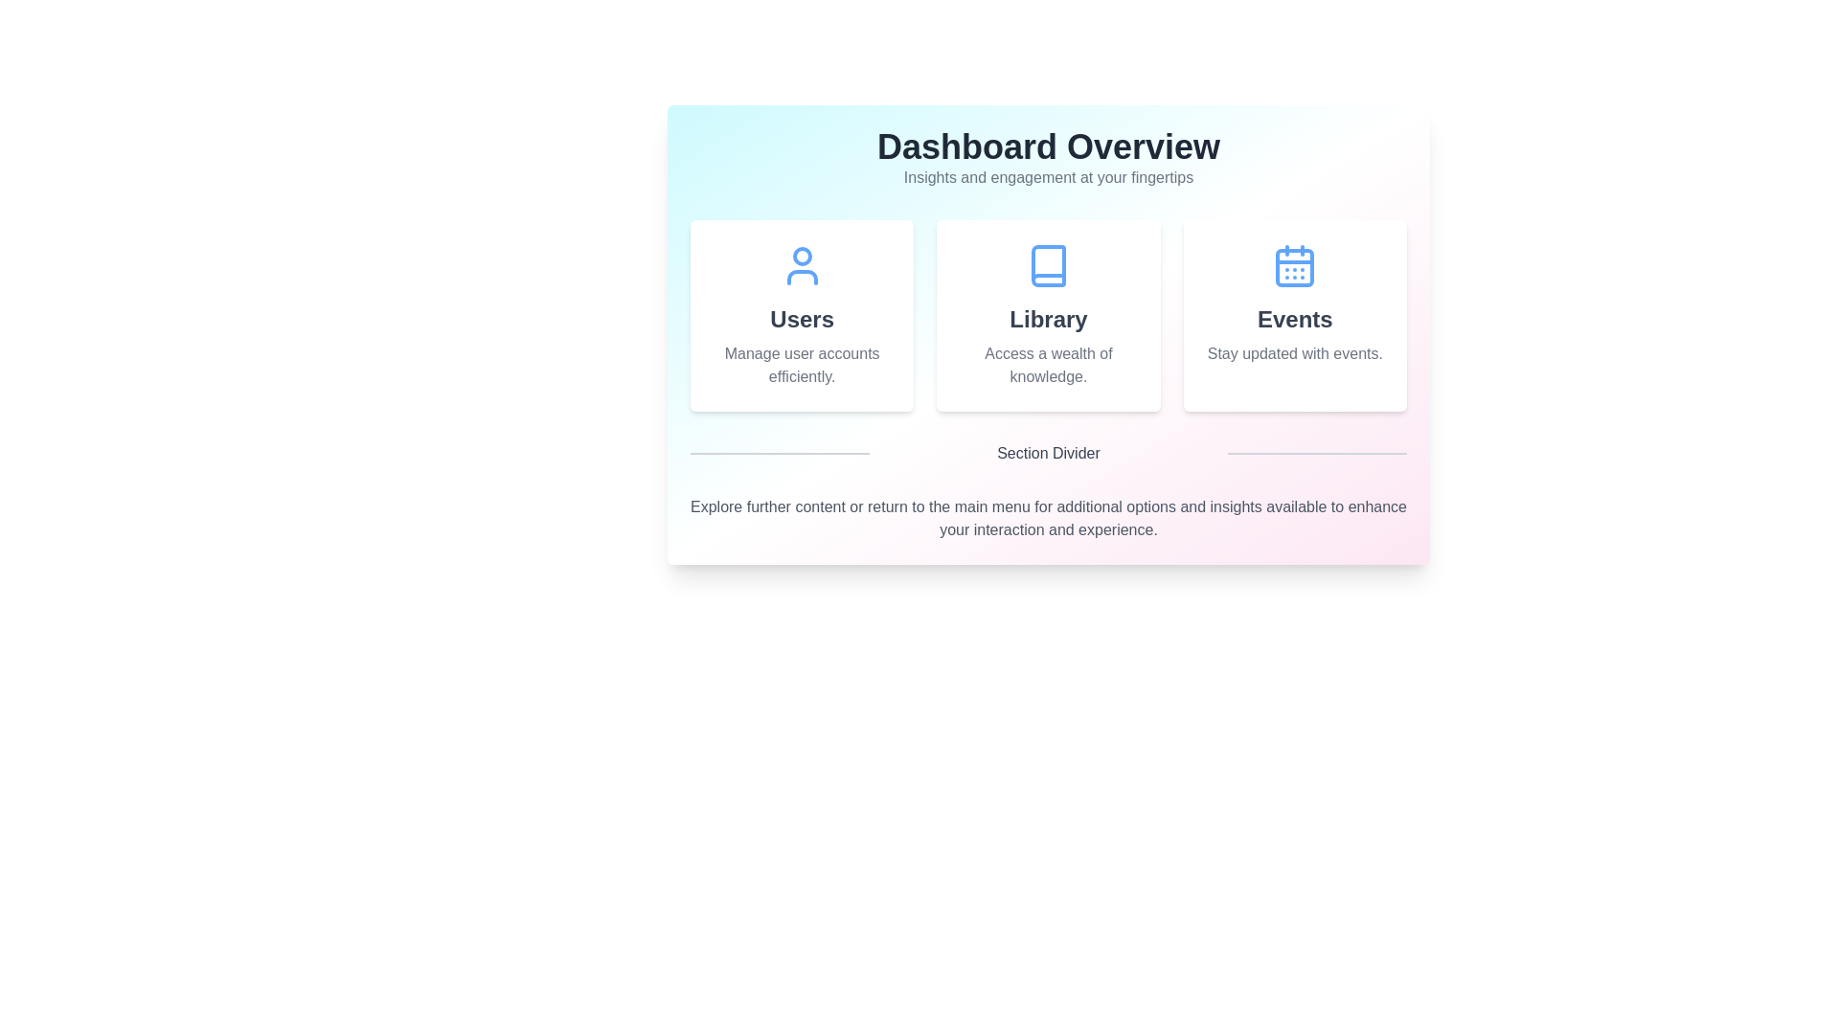 This screenshot has height=1034, width=1839. I want to click on the text element displaying 'Events' in bold, large font, located in the center of the rightmost panel of the layout, so click(1295, 319).